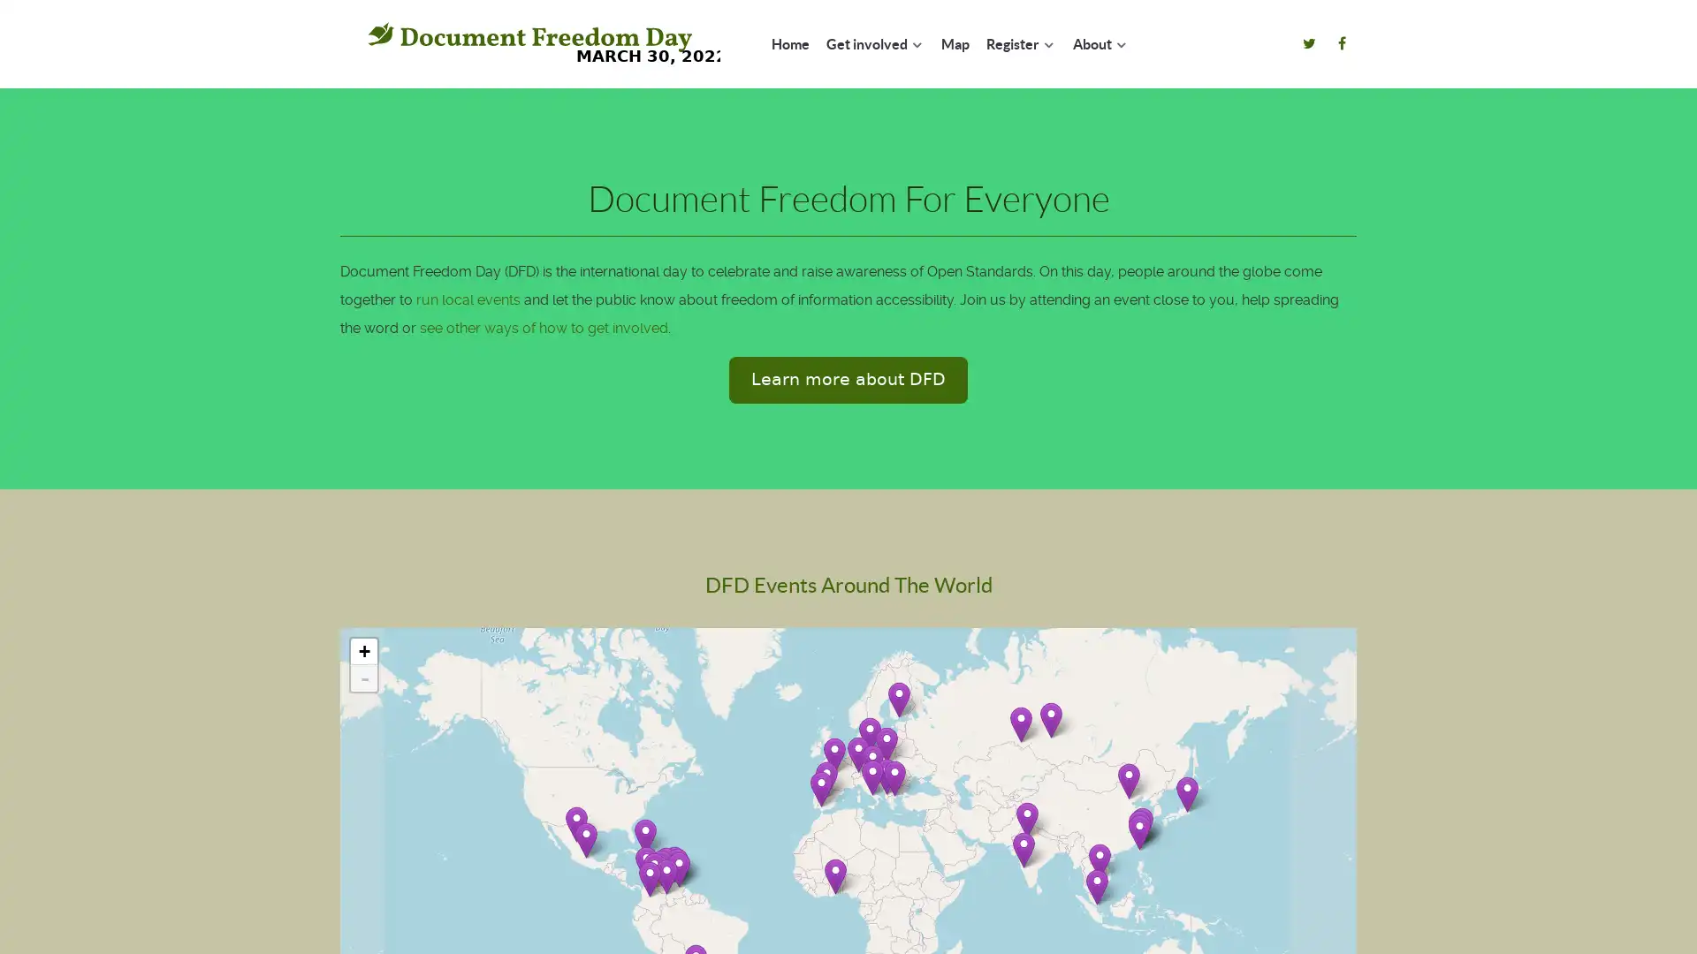  What do you see at coordinates (363, 650) in the screenshot?
I see `Zoom in` at bounding box center [363, 650].